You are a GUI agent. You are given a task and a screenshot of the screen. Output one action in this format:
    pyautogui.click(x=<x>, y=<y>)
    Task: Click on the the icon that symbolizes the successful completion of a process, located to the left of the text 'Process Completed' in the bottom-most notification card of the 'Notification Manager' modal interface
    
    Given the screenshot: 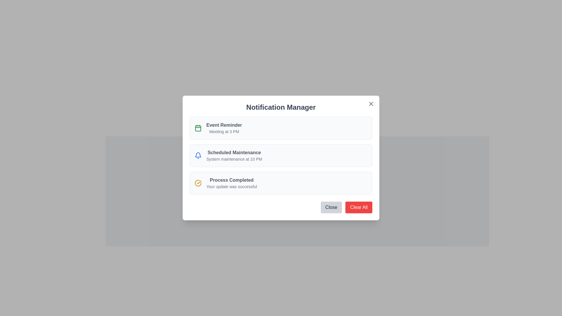 What is the action you would take?
    pyautogui.click(x=198, y=183)
    